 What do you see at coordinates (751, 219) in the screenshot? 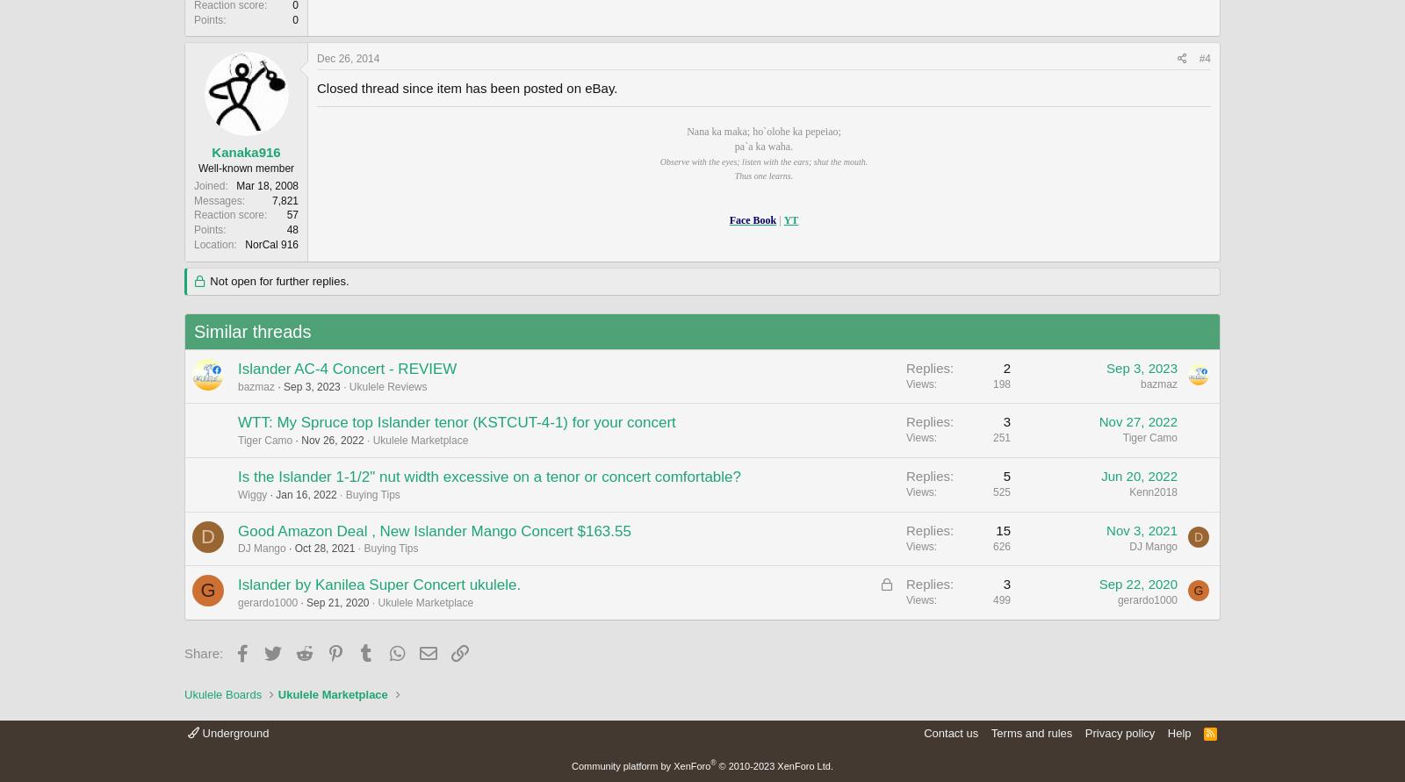
I see `'Face Book'` at bounding box center [751, 219].